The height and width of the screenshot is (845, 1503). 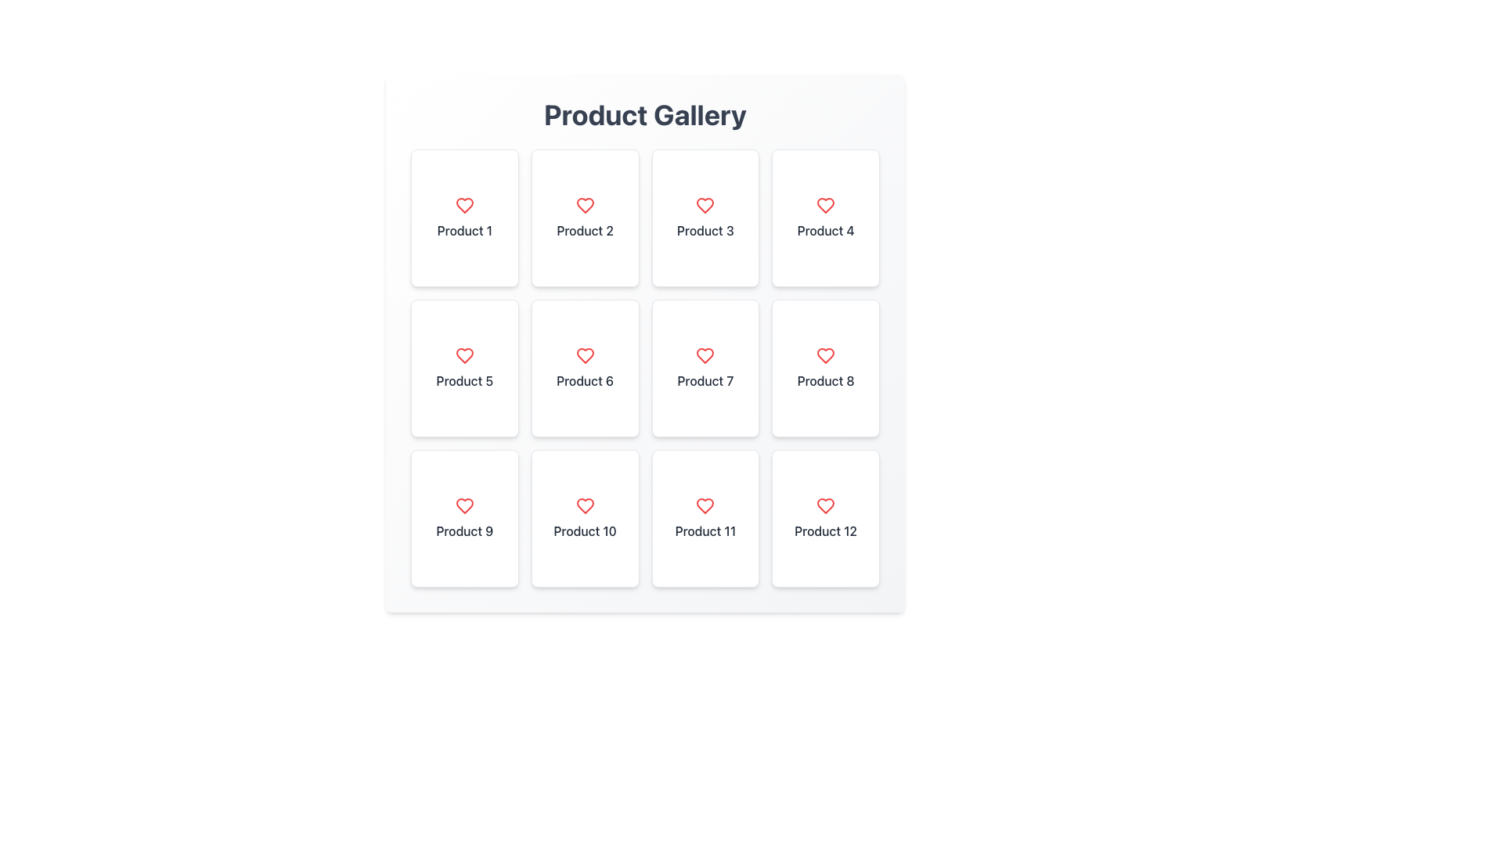 What do you see at coordinates (705, 506) in the screenshot?
I see `the heart-shaped icon outlined in red, filled with white, located above the text 'Product 11' in the eleventh card of a 3x4 grid layout` at bounding box center [705, 506].